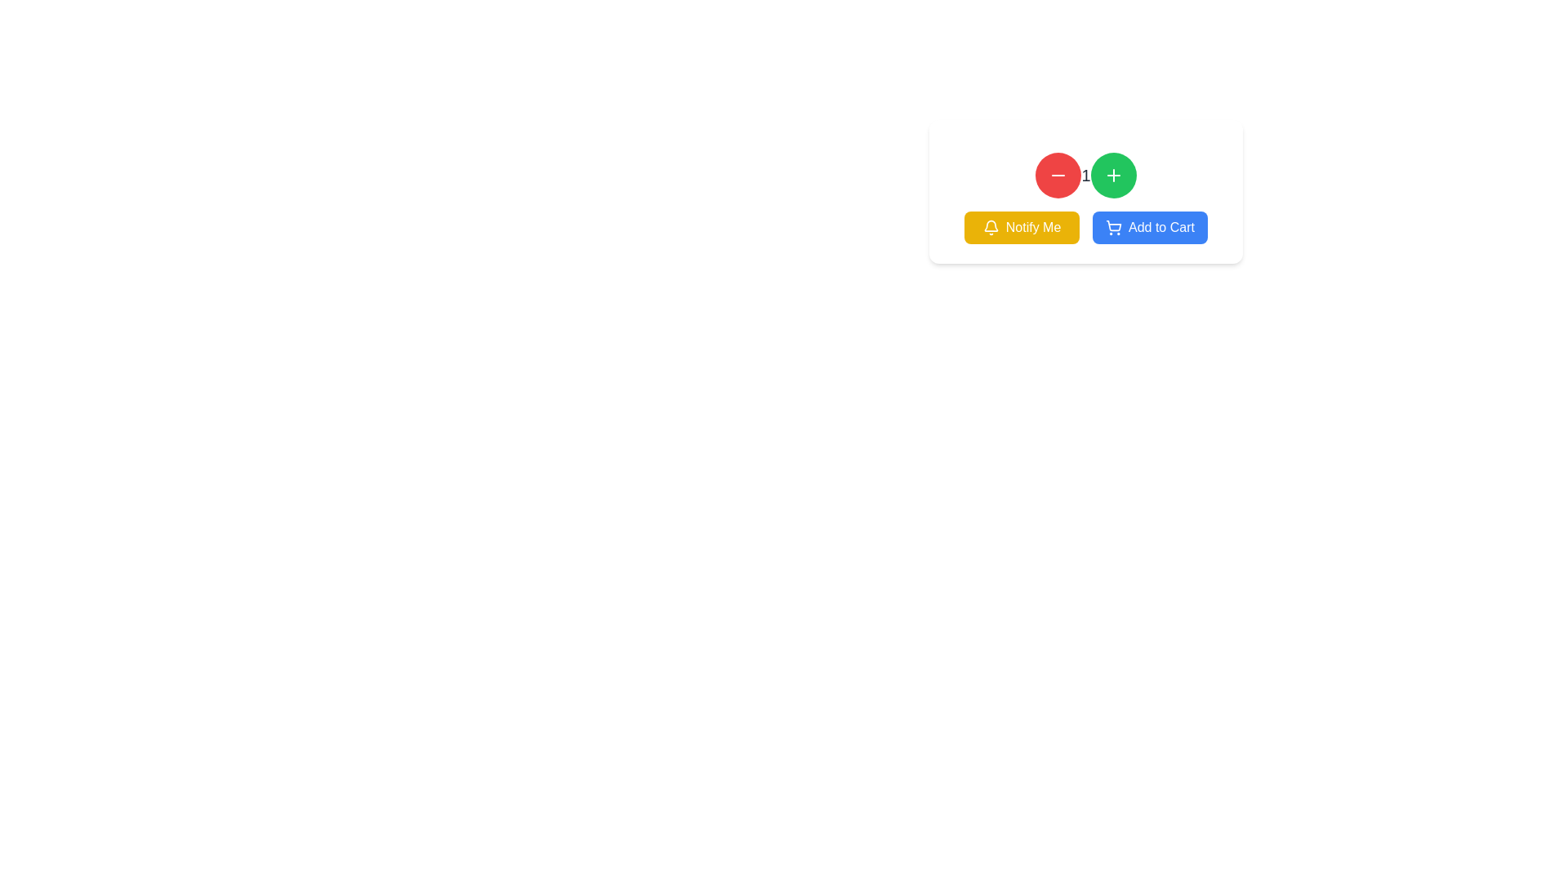 The image size is (1568, 882). Describe the element at coordinates (1112, 176) in the screenshot. I see `the green circular button with a white plus sign located in the top-right region of the main view` at that location.